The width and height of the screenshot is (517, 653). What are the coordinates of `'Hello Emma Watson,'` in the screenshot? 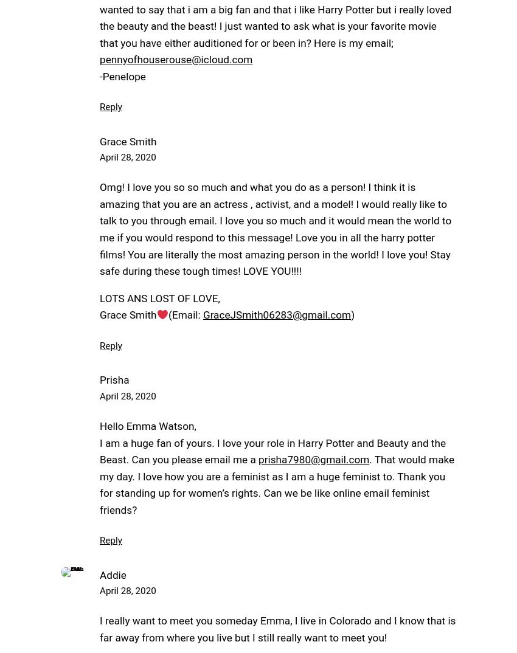 It's located at (148, 426).